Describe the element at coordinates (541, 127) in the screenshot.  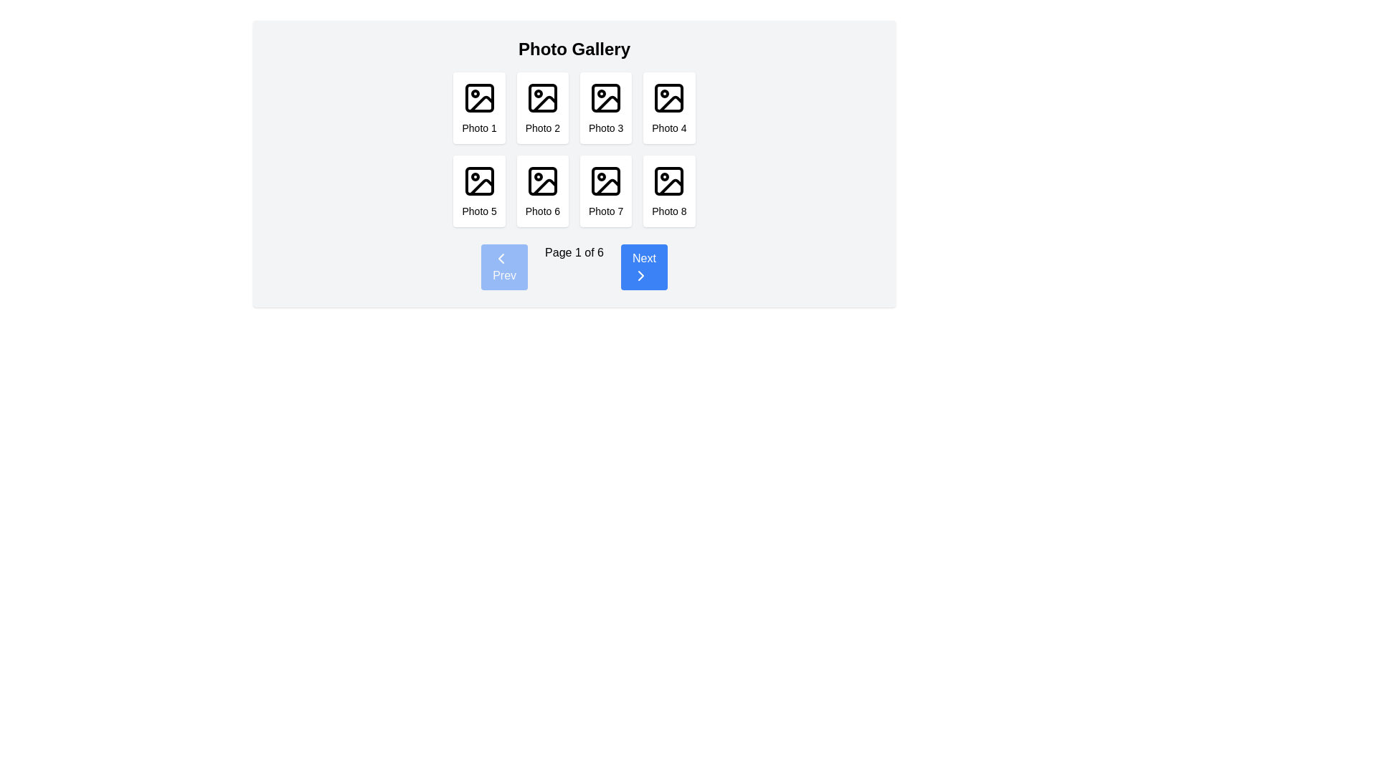
I see `the descriptive label indicating the name or identifier of a particular photo, located underneath the second image icon in the top row of the grid layout` at that location.